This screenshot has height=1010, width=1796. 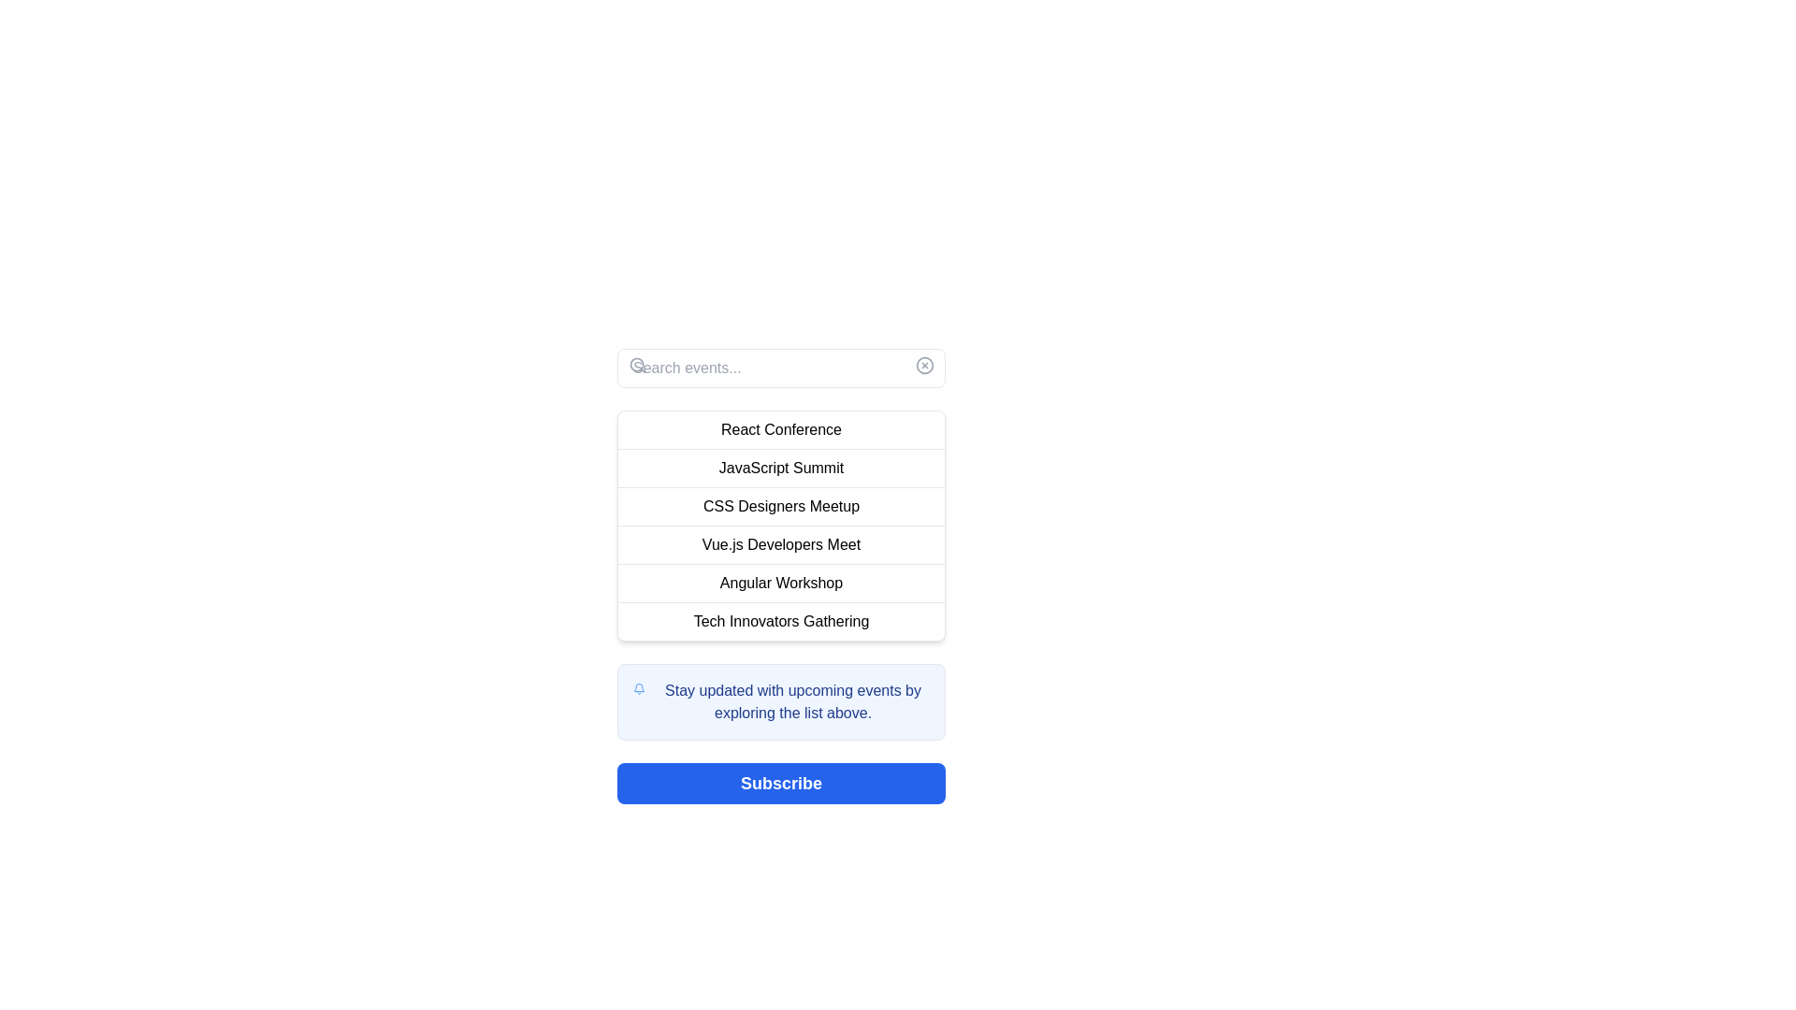 What do you see at coordinates (637, 365) in the screenshot?
I see `the circular part of the search icon, which indicates a search-related functionality and is located towards the left inside the search bar at the top-center of the layout` at bounding box center [637, 365].